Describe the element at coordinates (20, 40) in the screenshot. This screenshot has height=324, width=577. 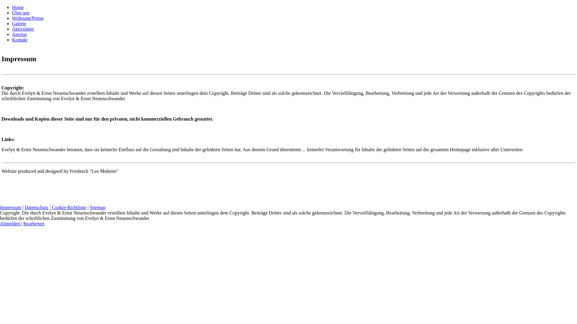
I see `'Kontakt'` at that location.